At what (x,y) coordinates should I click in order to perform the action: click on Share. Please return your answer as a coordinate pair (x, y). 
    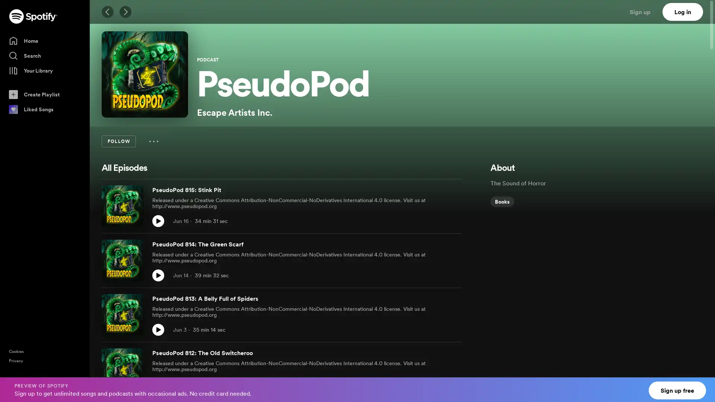
    Looking at the image, I should click on (439, 221).